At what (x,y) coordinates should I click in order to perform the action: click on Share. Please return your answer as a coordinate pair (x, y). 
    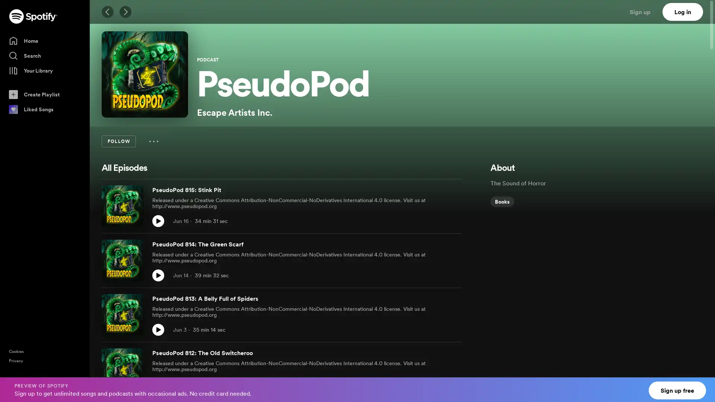
    Looking at the image, I should click on (439, 221).